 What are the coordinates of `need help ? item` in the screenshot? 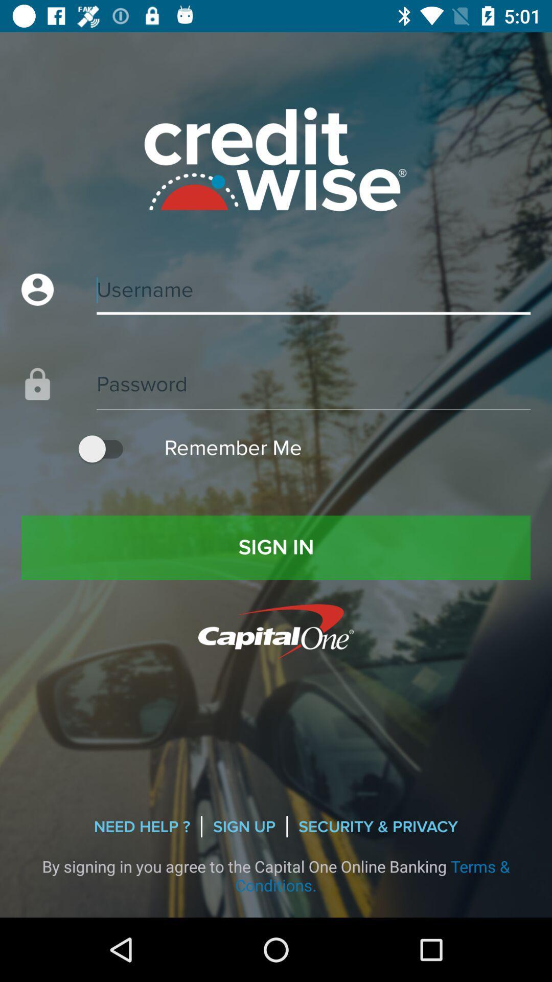 It's located at (142, 827).